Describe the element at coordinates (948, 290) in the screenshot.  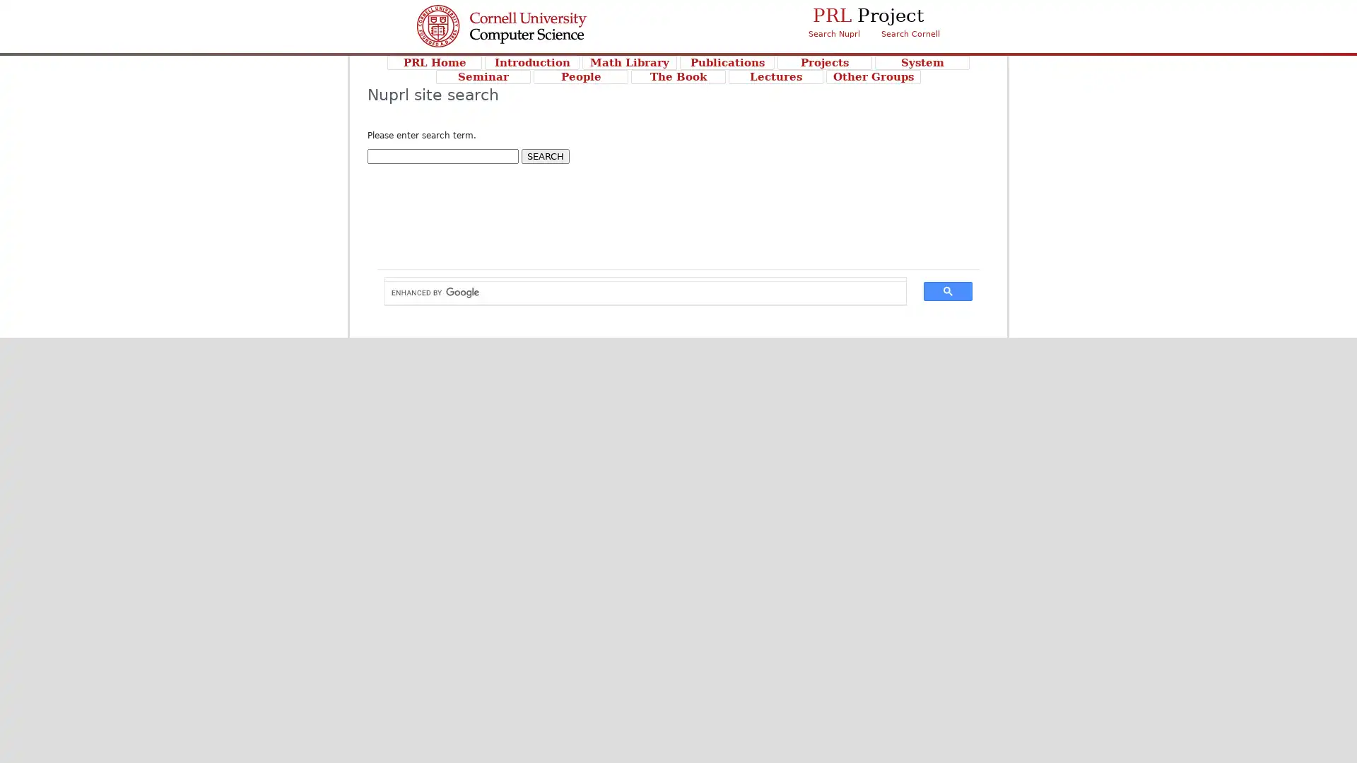
I see `search` at that location.